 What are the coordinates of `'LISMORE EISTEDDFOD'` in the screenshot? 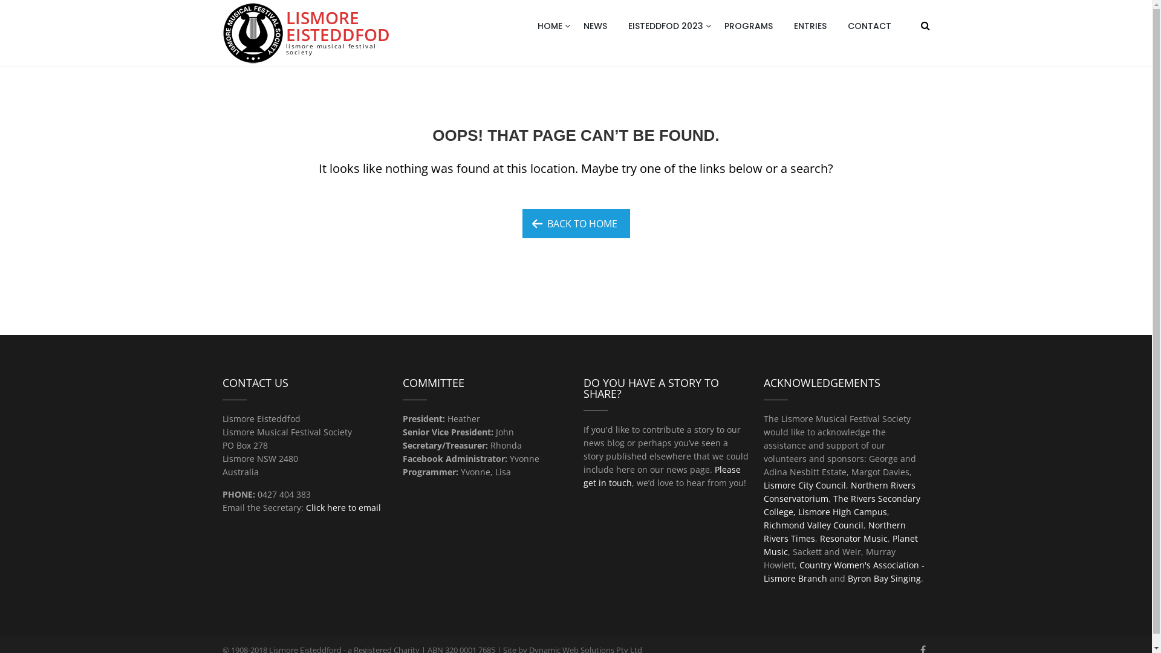 It's located at (337, 25).